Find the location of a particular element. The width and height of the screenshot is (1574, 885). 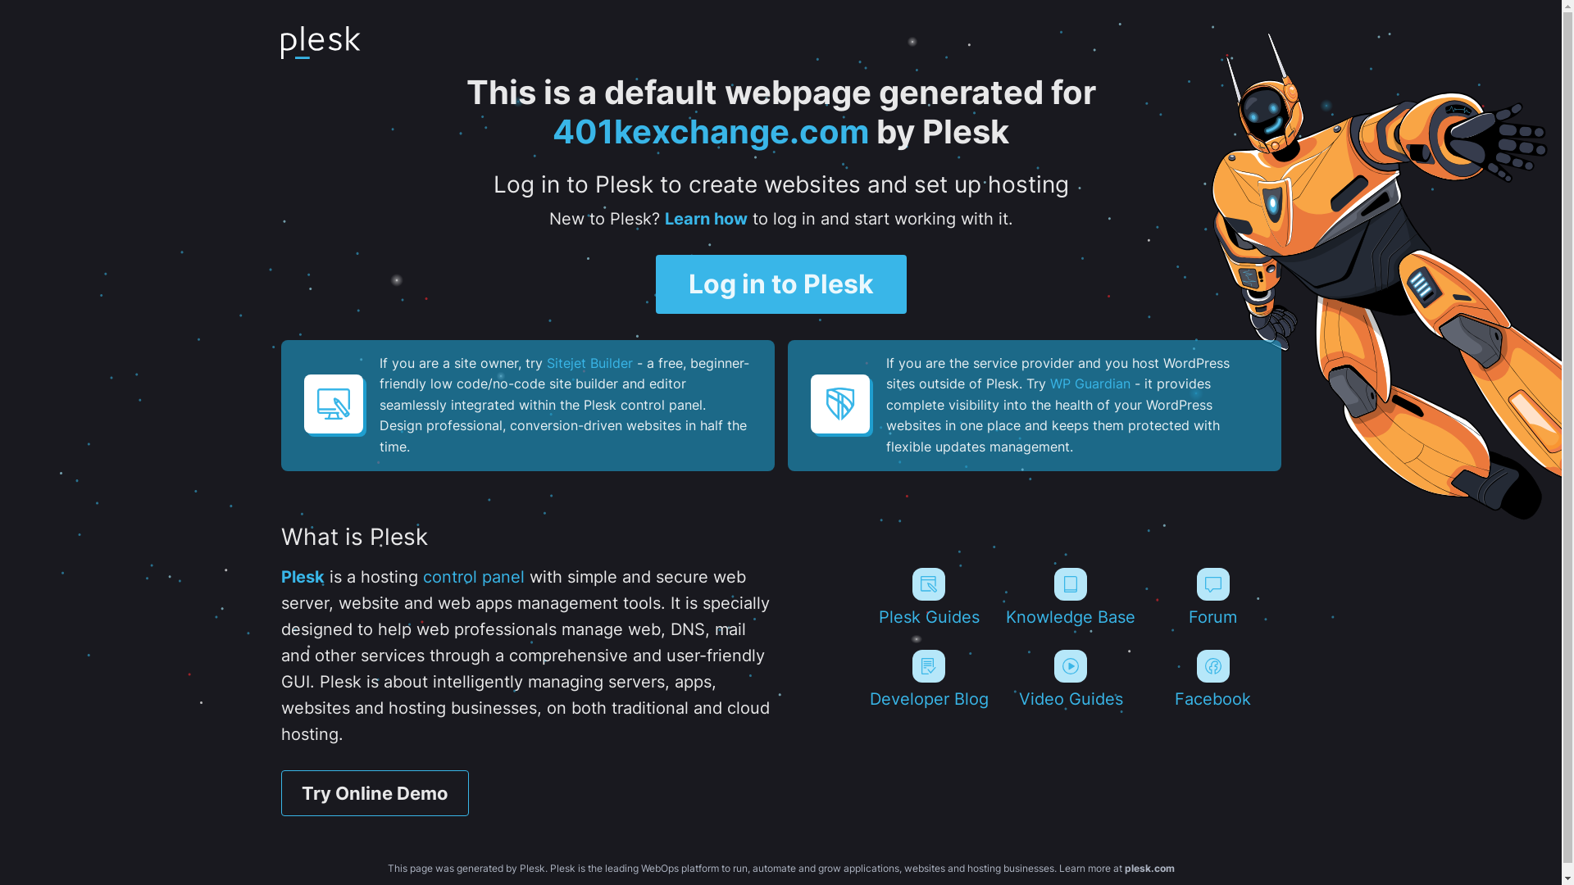

'plesk.com' is located at coordinates (1149, 867).